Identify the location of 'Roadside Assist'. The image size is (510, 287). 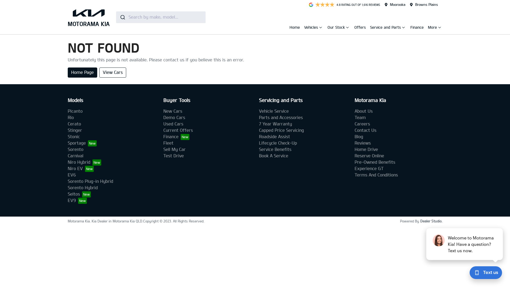
(259, 136).